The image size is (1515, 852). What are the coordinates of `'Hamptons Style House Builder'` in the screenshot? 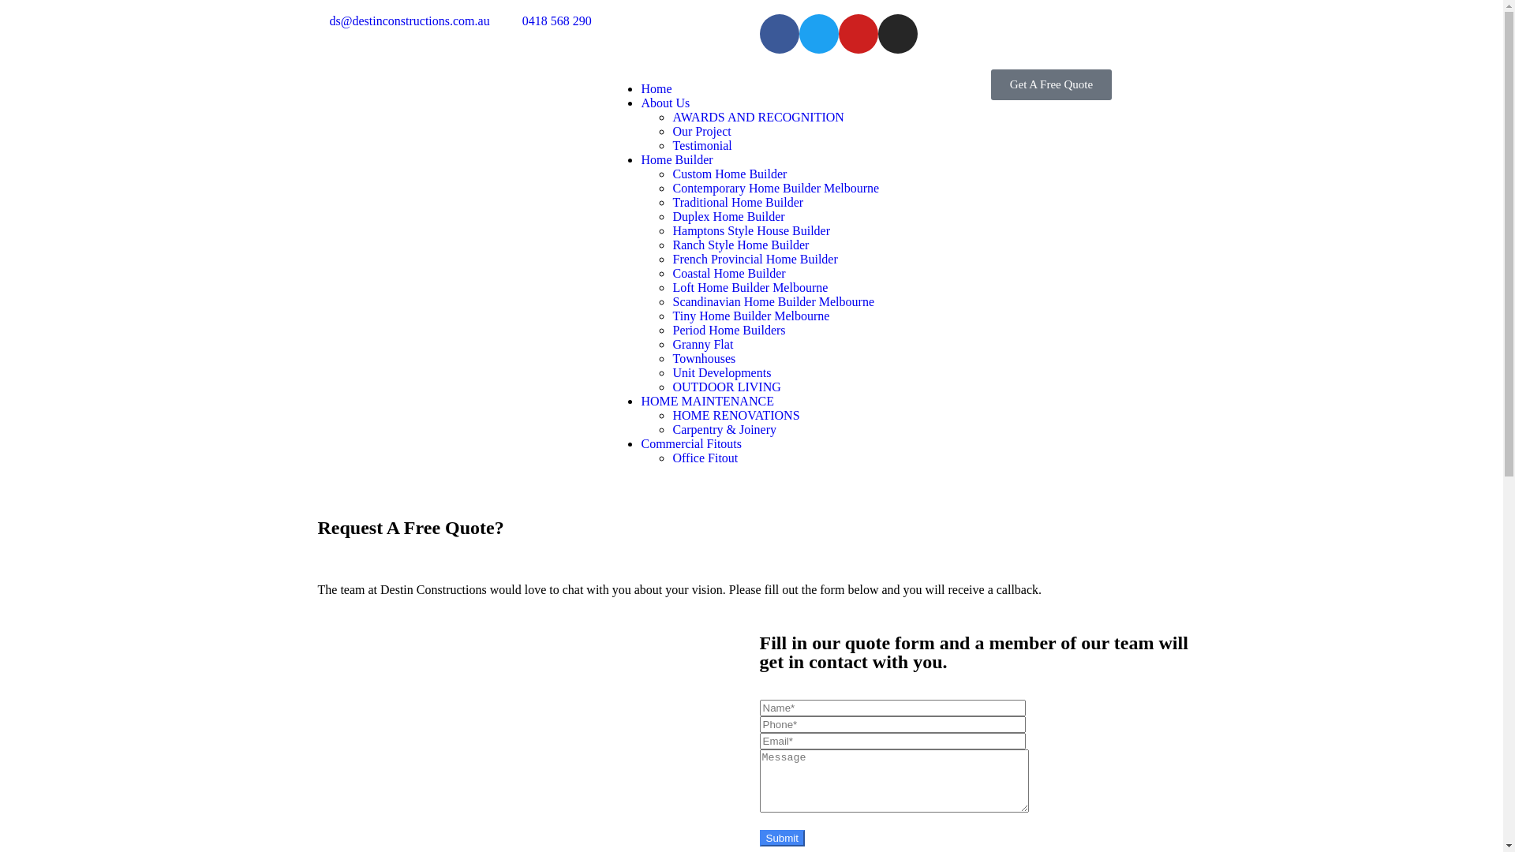 It's located at (750, 230).